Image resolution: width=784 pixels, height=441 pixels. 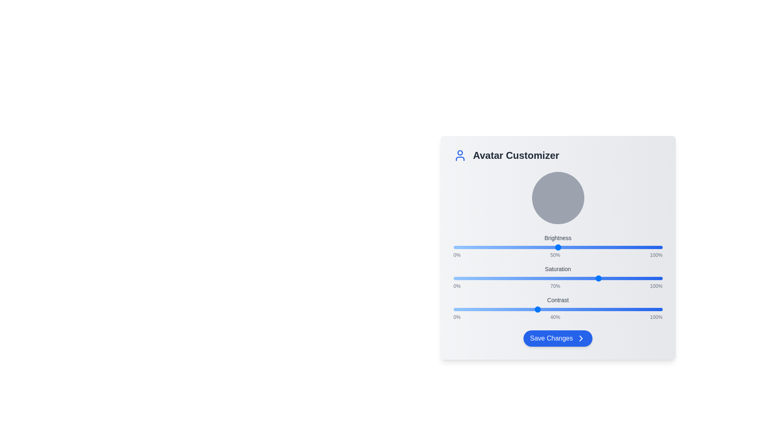 I want to click on the Saturation slider to 64%, so click(x=587, y=278).